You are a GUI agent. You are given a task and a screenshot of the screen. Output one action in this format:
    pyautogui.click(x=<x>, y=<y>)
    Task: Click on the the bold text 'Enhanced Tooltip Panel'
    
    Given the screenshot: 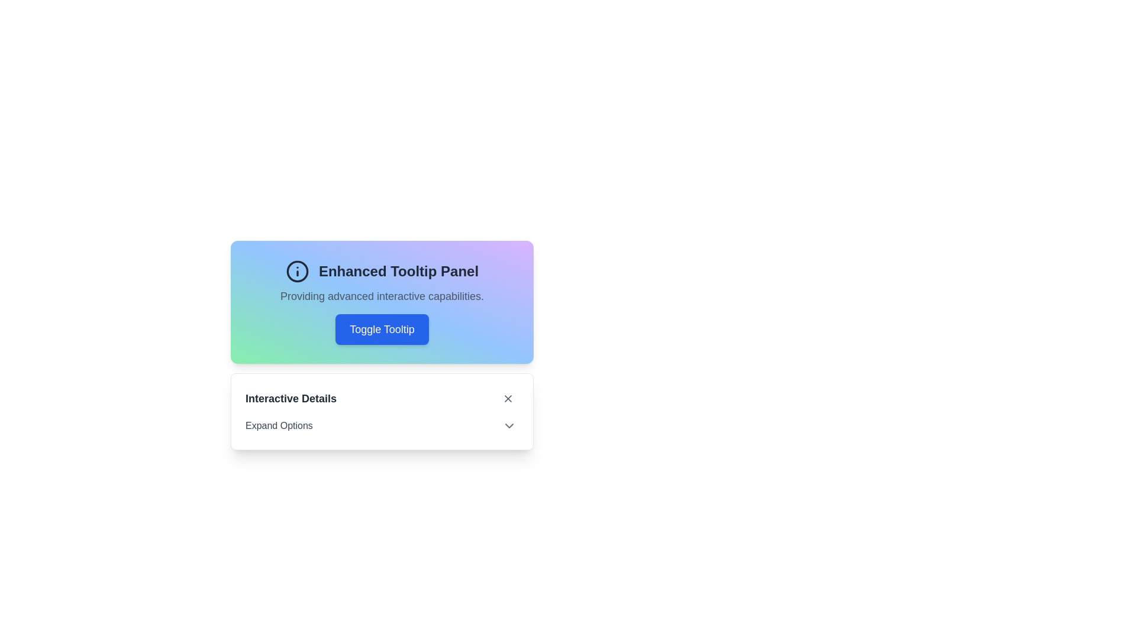 What is the action you would take?
    pyautogui.click(x=382, y=272)
    